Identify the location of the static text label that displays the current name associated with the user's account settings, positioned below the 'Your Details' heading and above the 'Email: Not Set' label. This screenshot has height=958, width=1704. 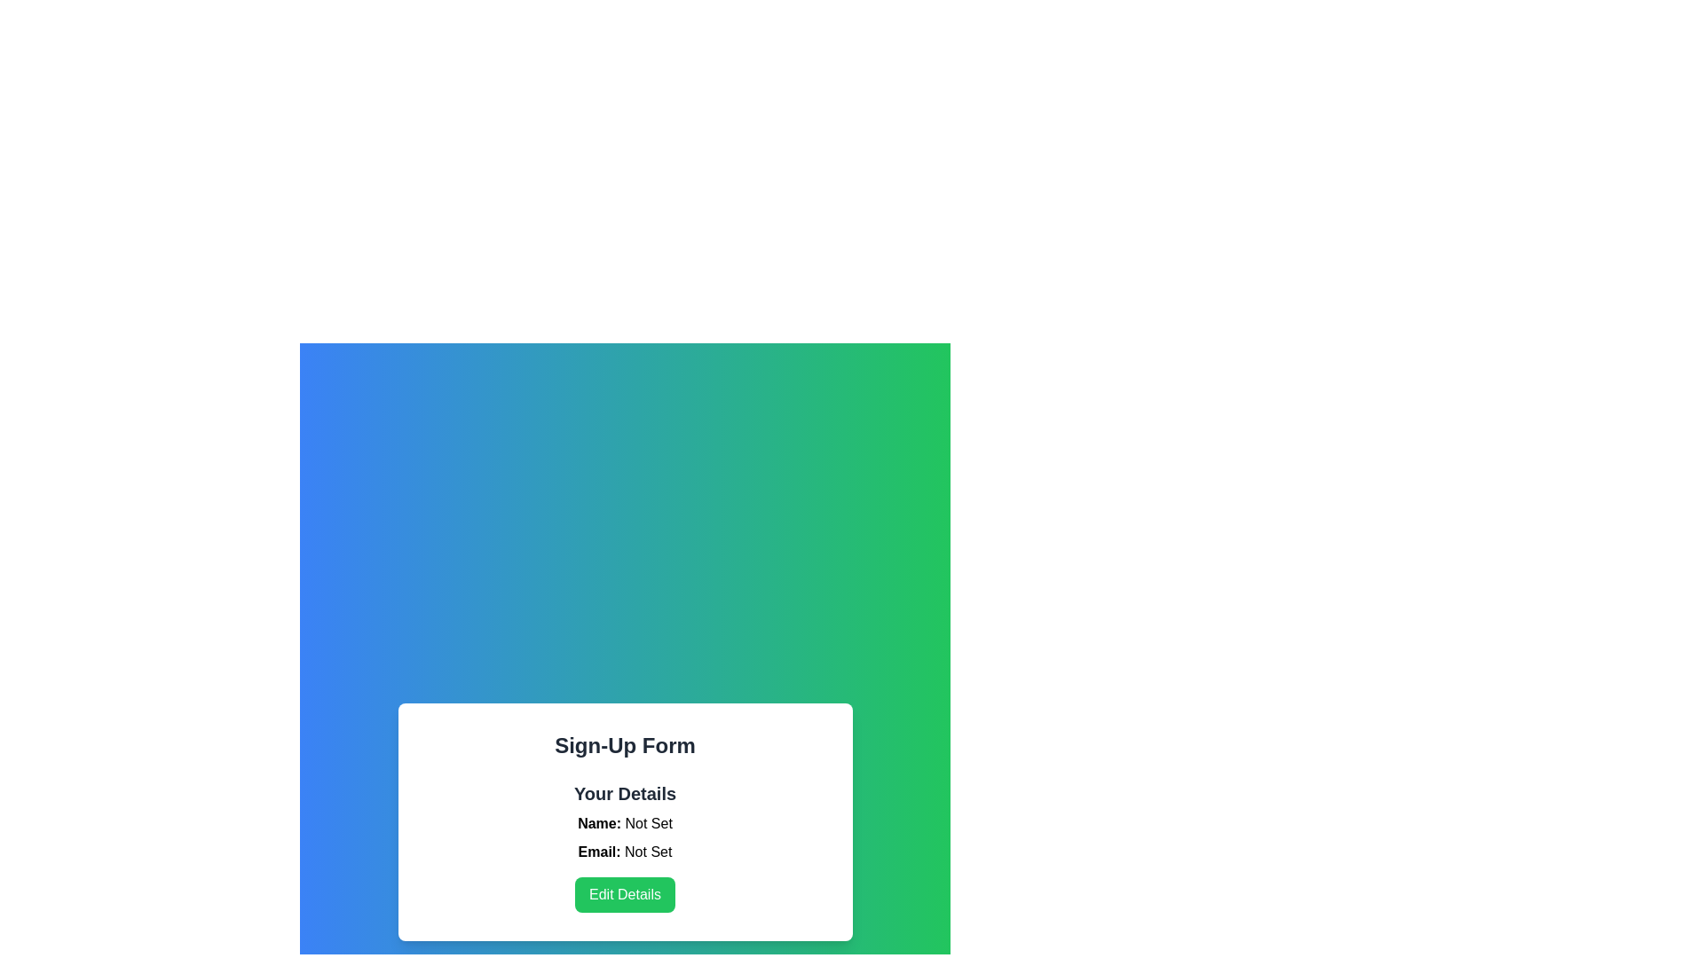
(625, 824).